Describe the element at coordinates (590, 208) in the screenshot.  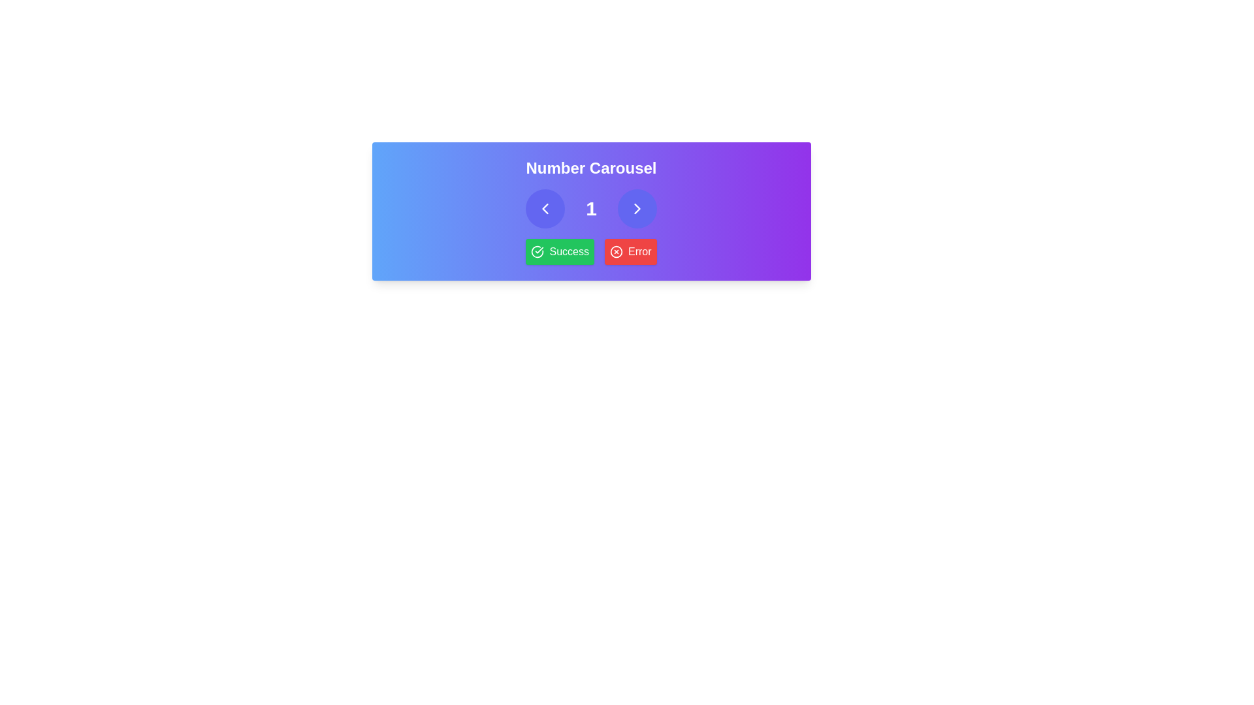
I see `the text element that indicates the current item or state within the number carousel, located in the center of a card-like component with a gradient background` at that location.